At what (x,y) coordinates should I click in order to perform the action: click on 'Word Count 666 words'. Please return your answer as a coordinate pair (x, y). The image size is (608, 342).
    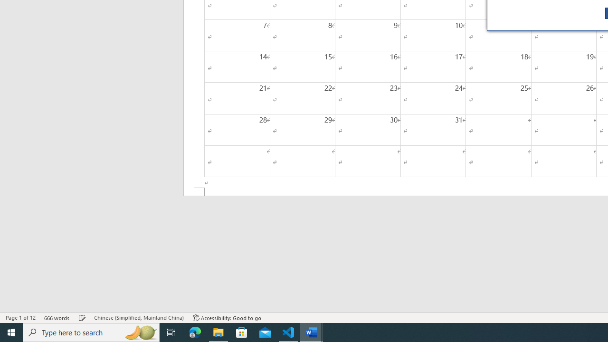
    Looking at the image, I should click on (57, 318).